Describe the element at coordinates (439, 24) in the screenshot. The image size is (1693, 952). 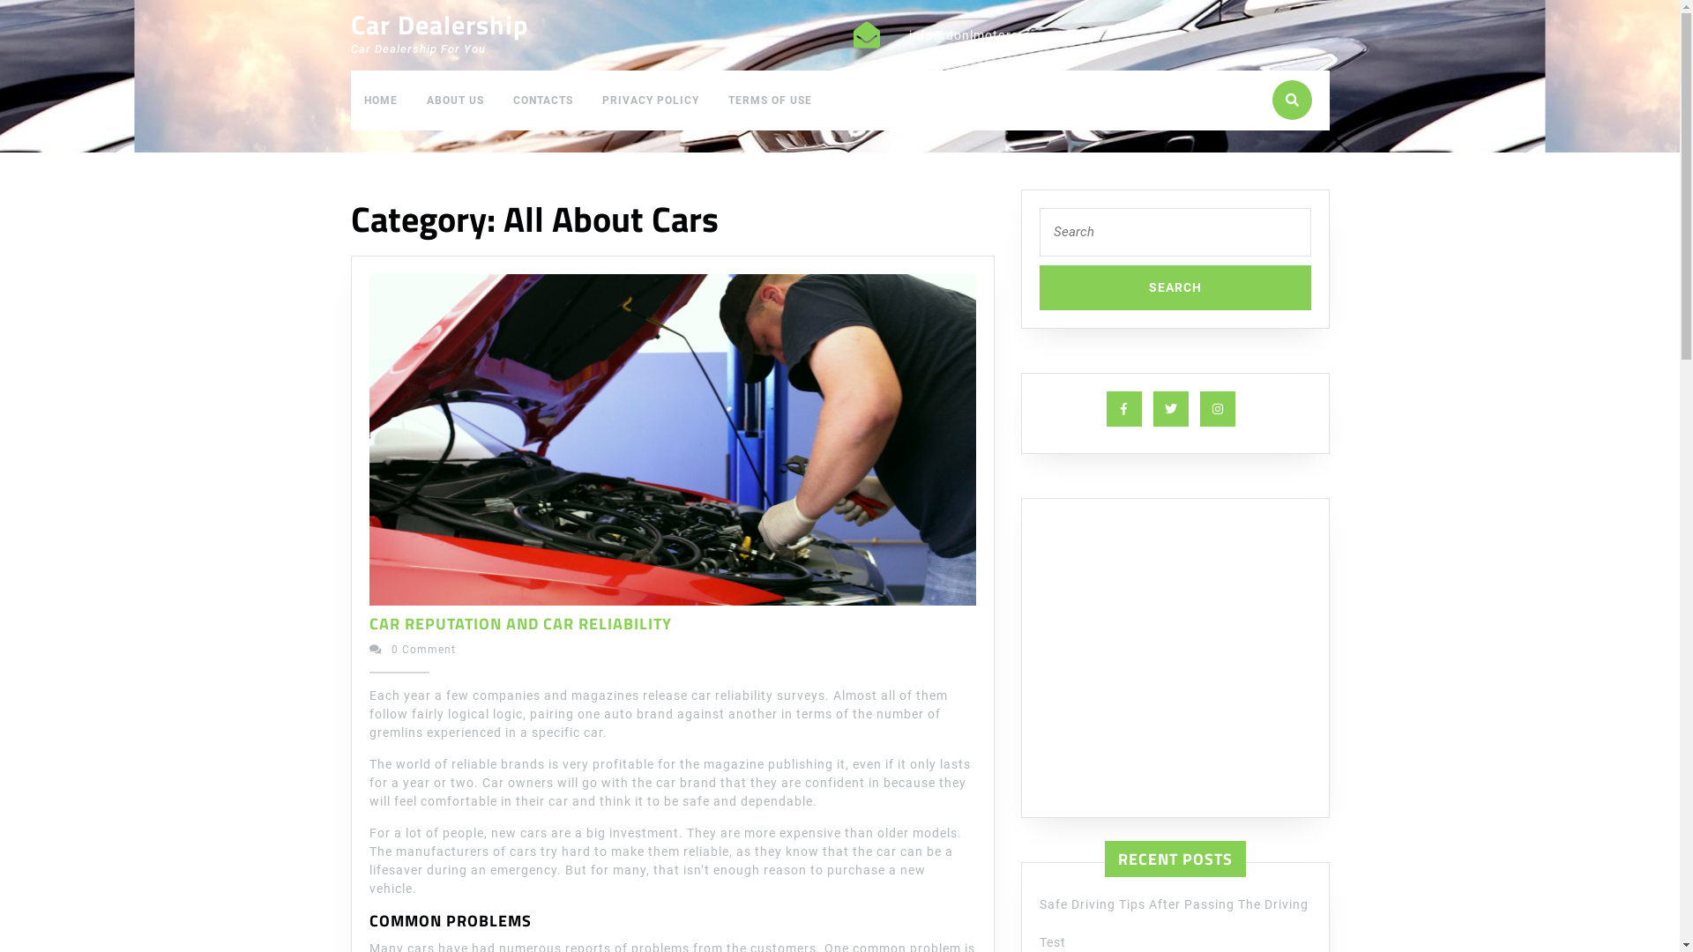
I see `'Car Dealership'` at that location.